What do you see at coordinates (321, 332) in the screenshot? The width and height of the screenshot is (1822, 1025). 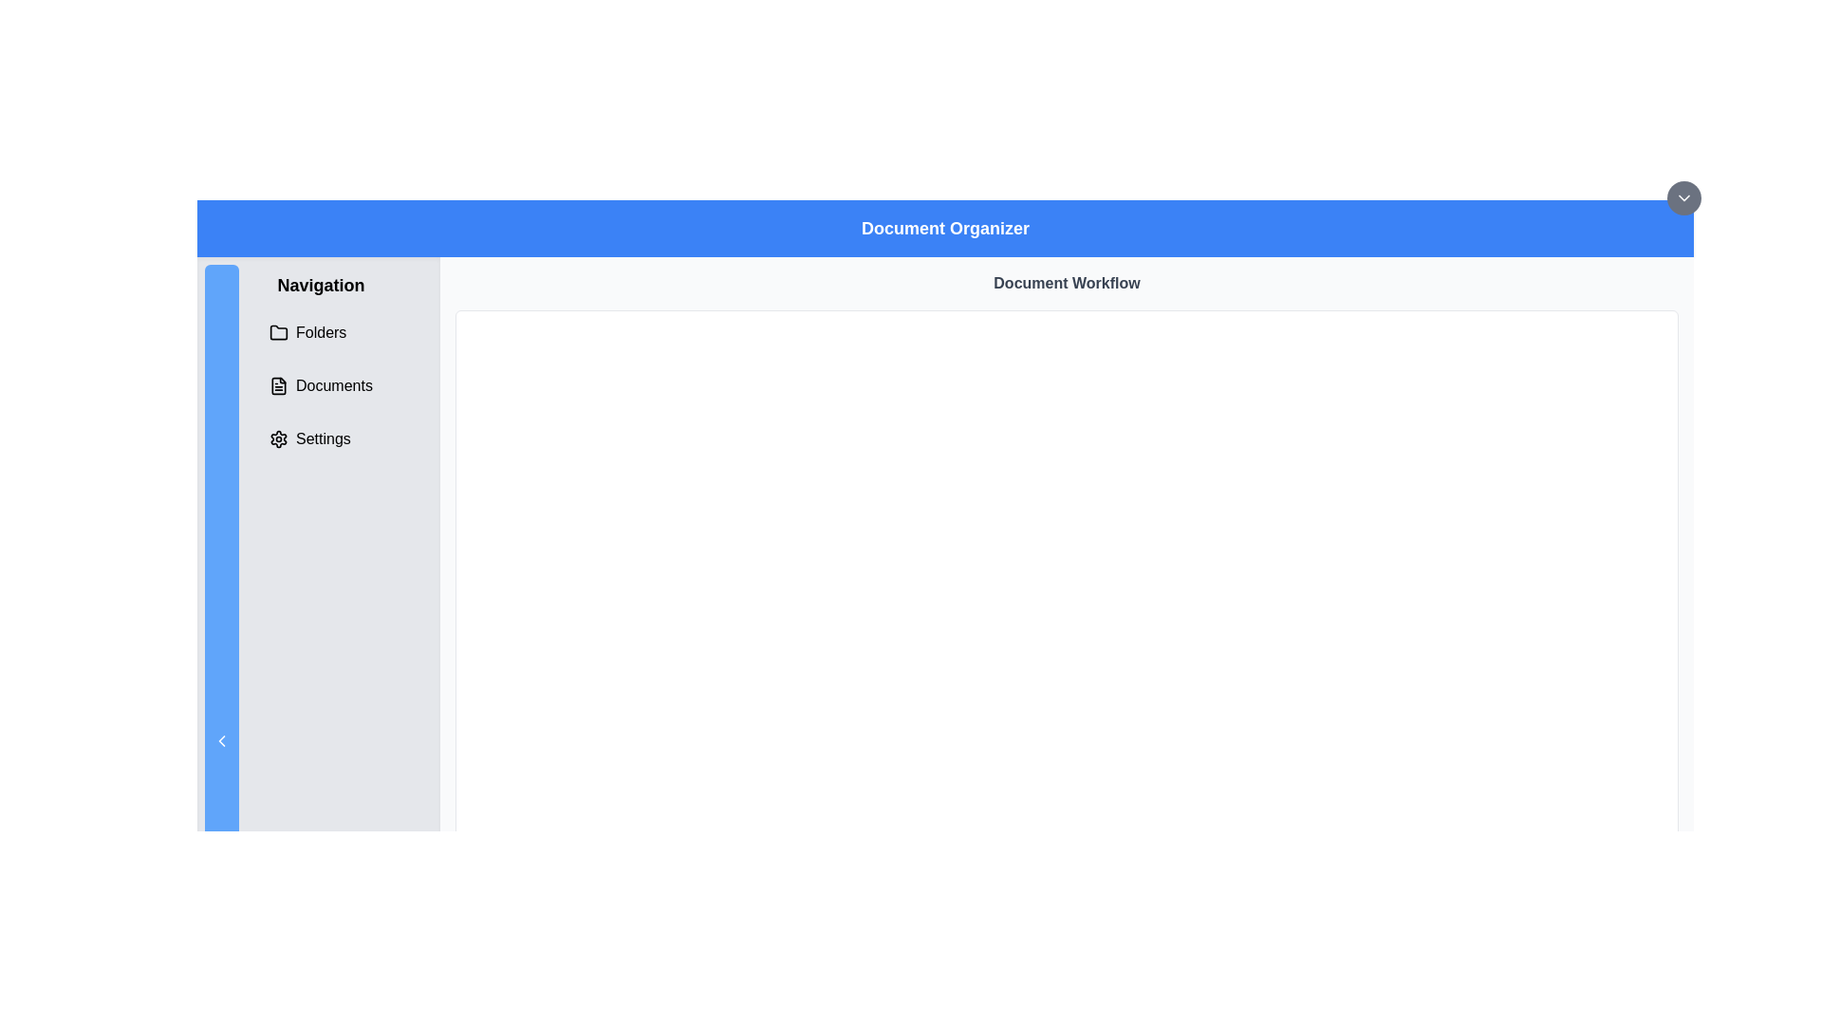 I see `the 'Folders' text label located in the left sidebar menu, which is the first item under the 'Navigation' header` at bounding box center [321, 332].